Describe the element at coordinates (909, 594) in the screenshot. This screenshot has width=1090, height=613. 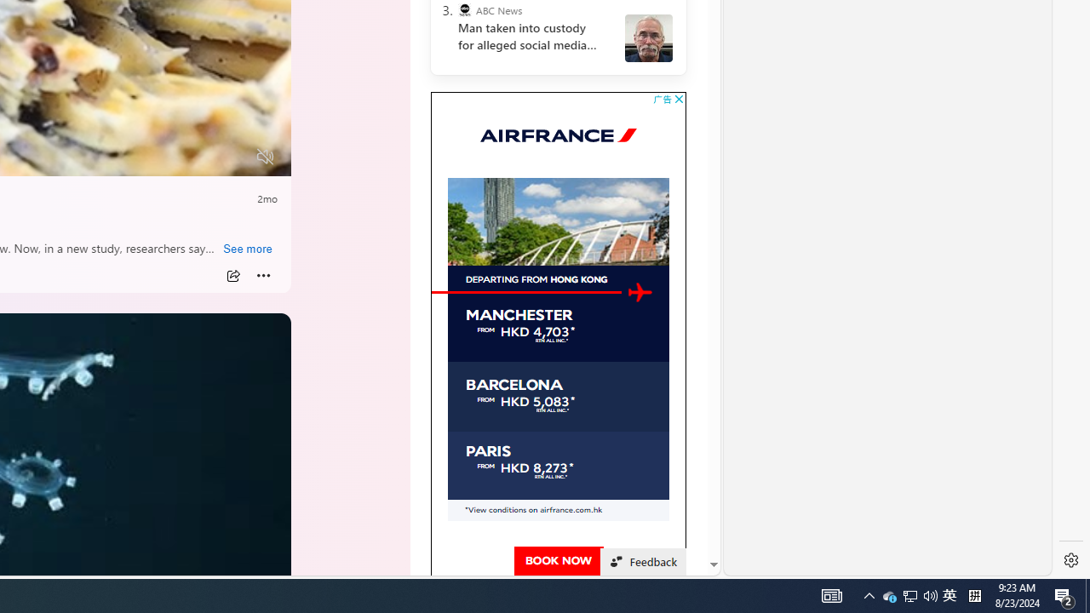
I see `'User Promoted Notification Area'` at that location.